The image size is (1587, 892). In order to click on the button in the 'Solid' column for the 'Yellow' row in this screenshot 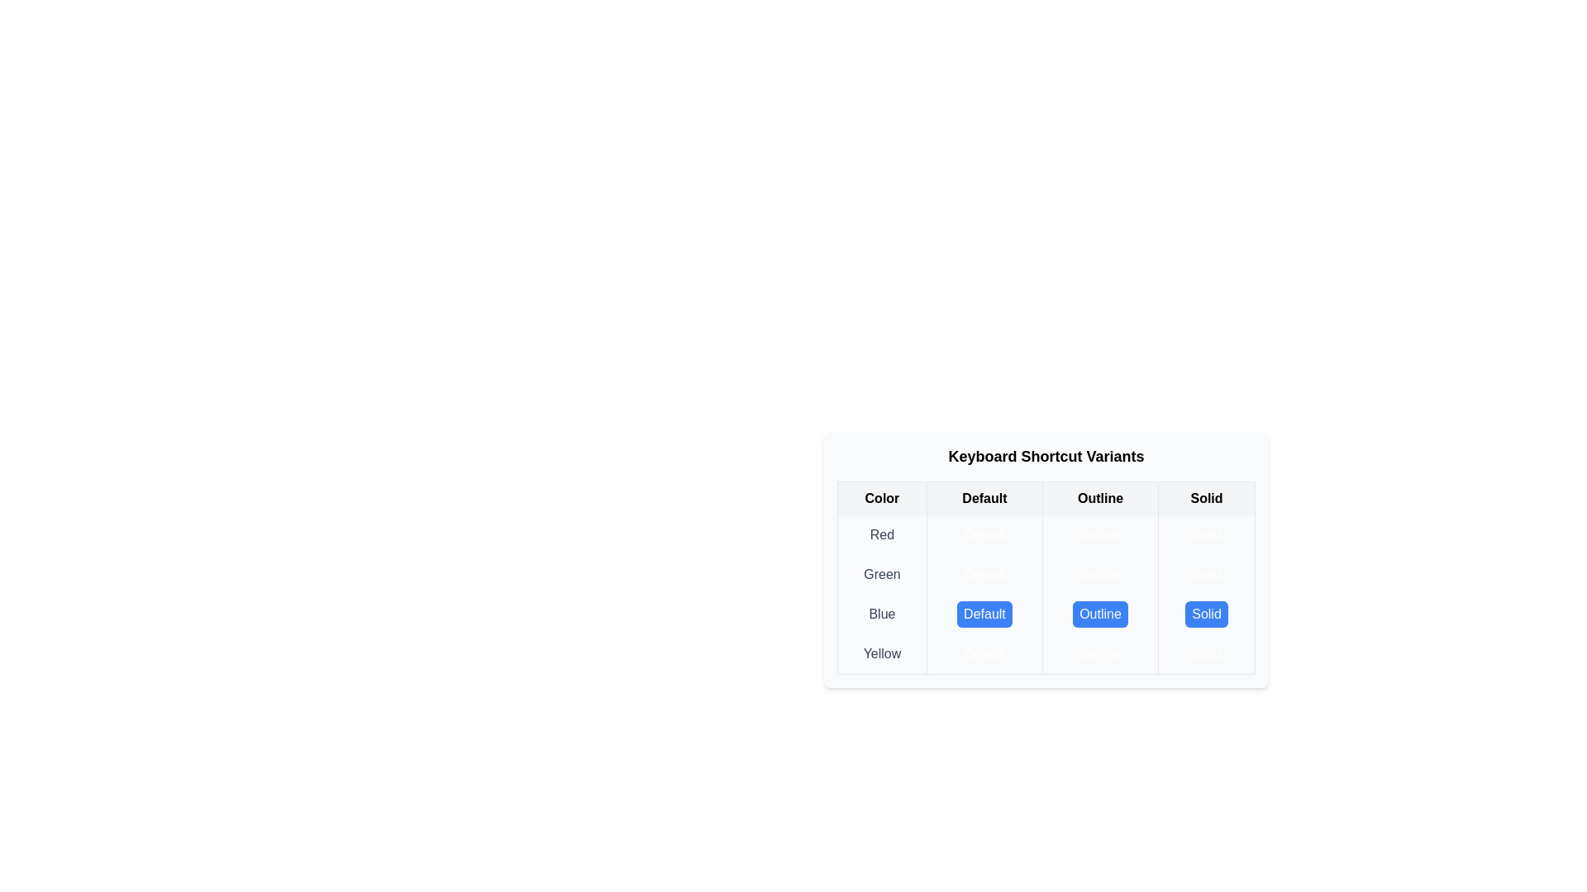, I will do `click(1206, 652)`.